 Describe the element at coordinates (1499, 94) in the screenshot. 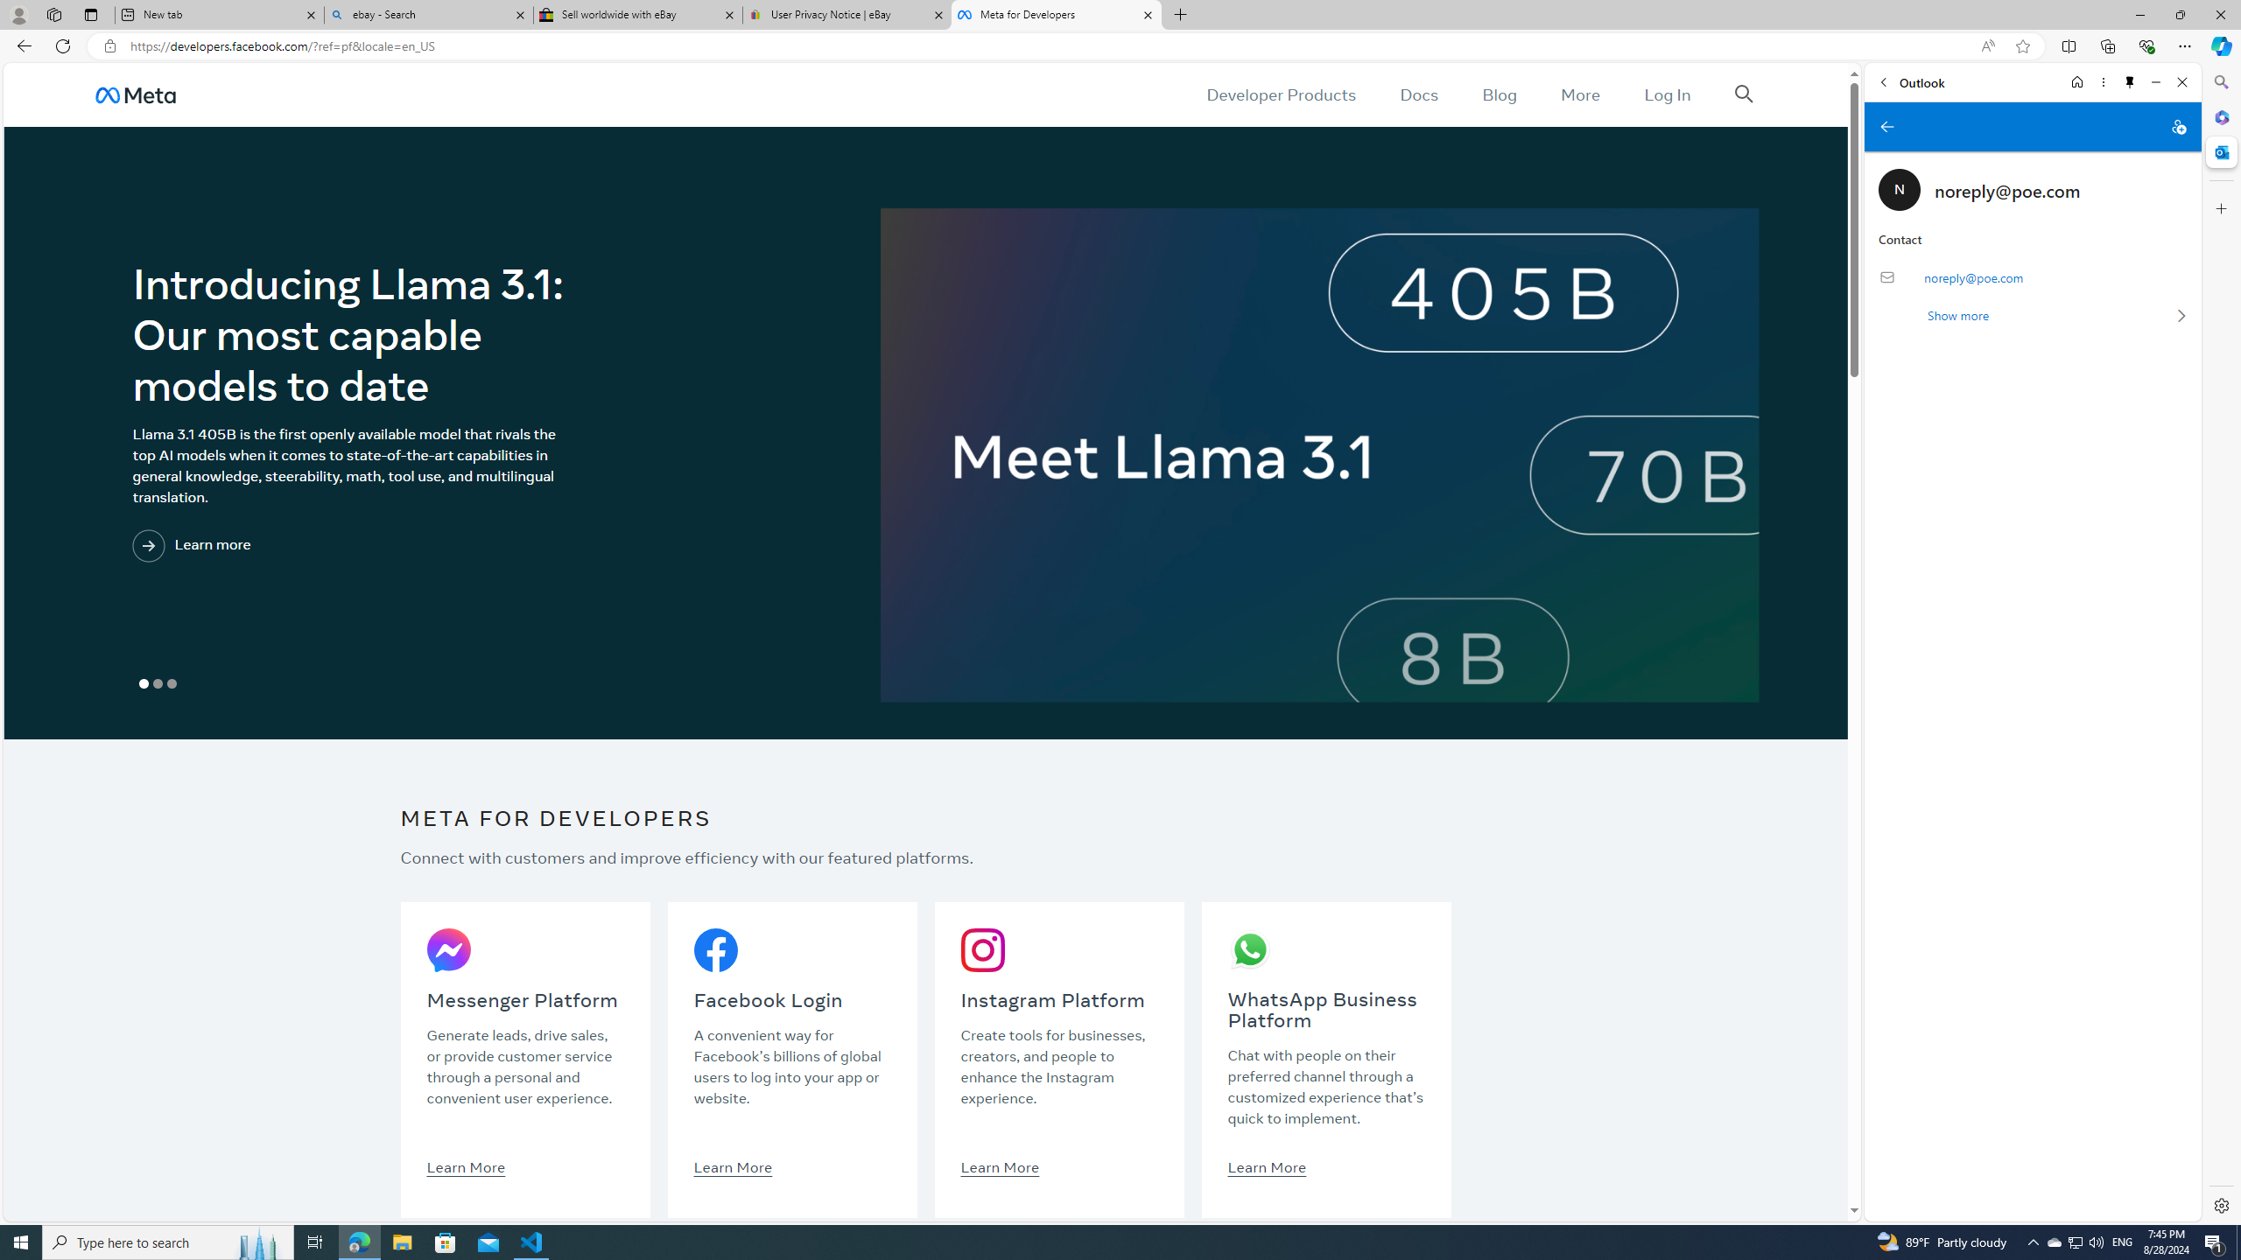

I see `'Blog'` at that location.